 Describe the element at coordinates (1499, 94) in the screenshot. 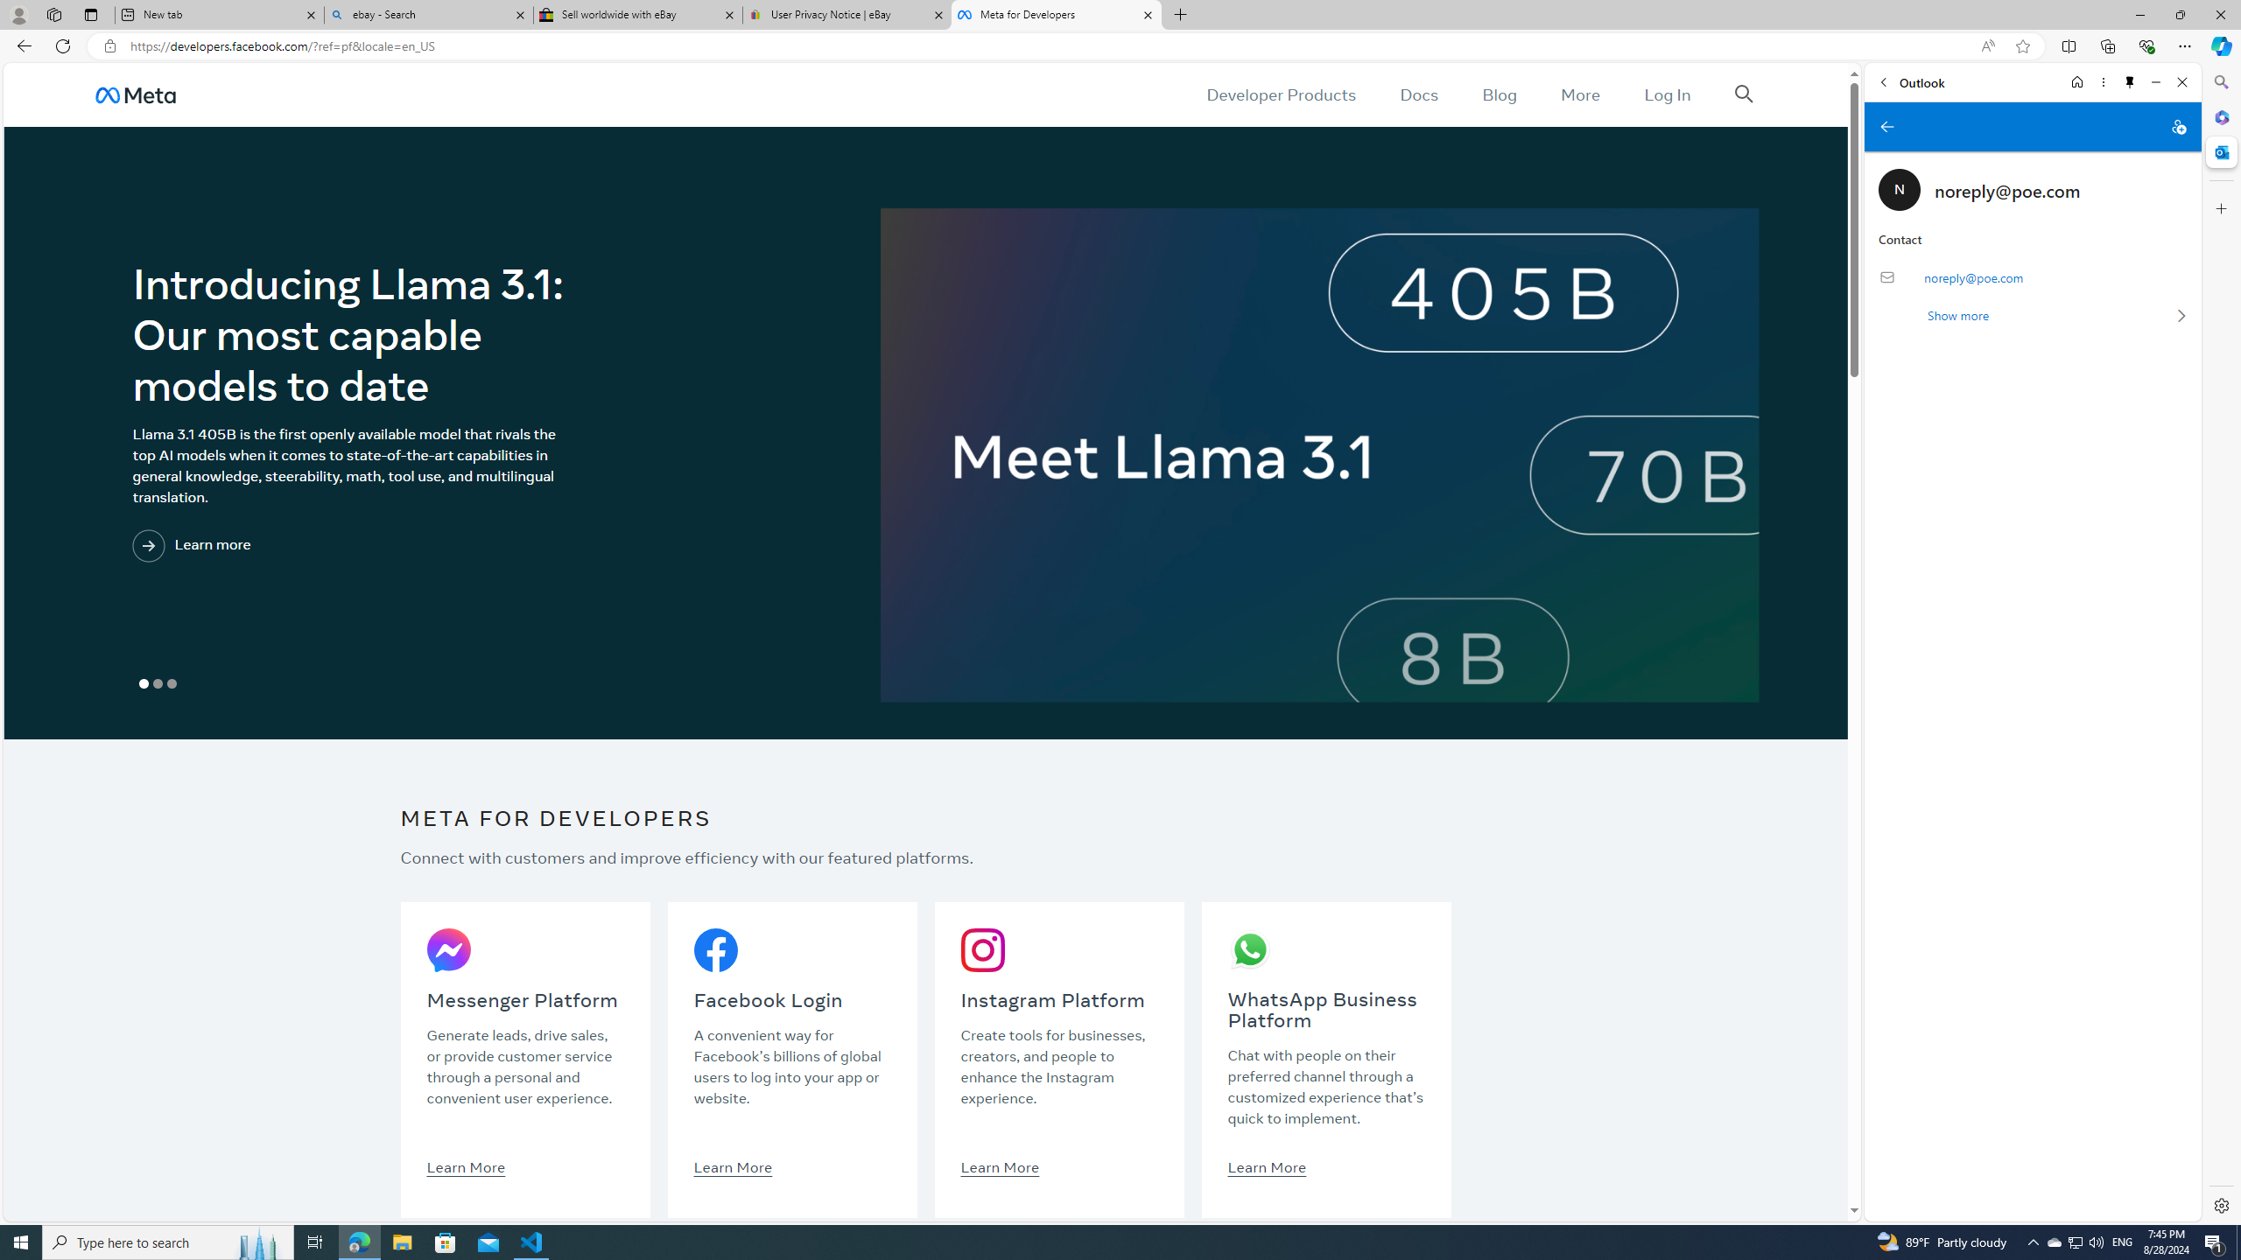

I see `'Blog'` at that location.